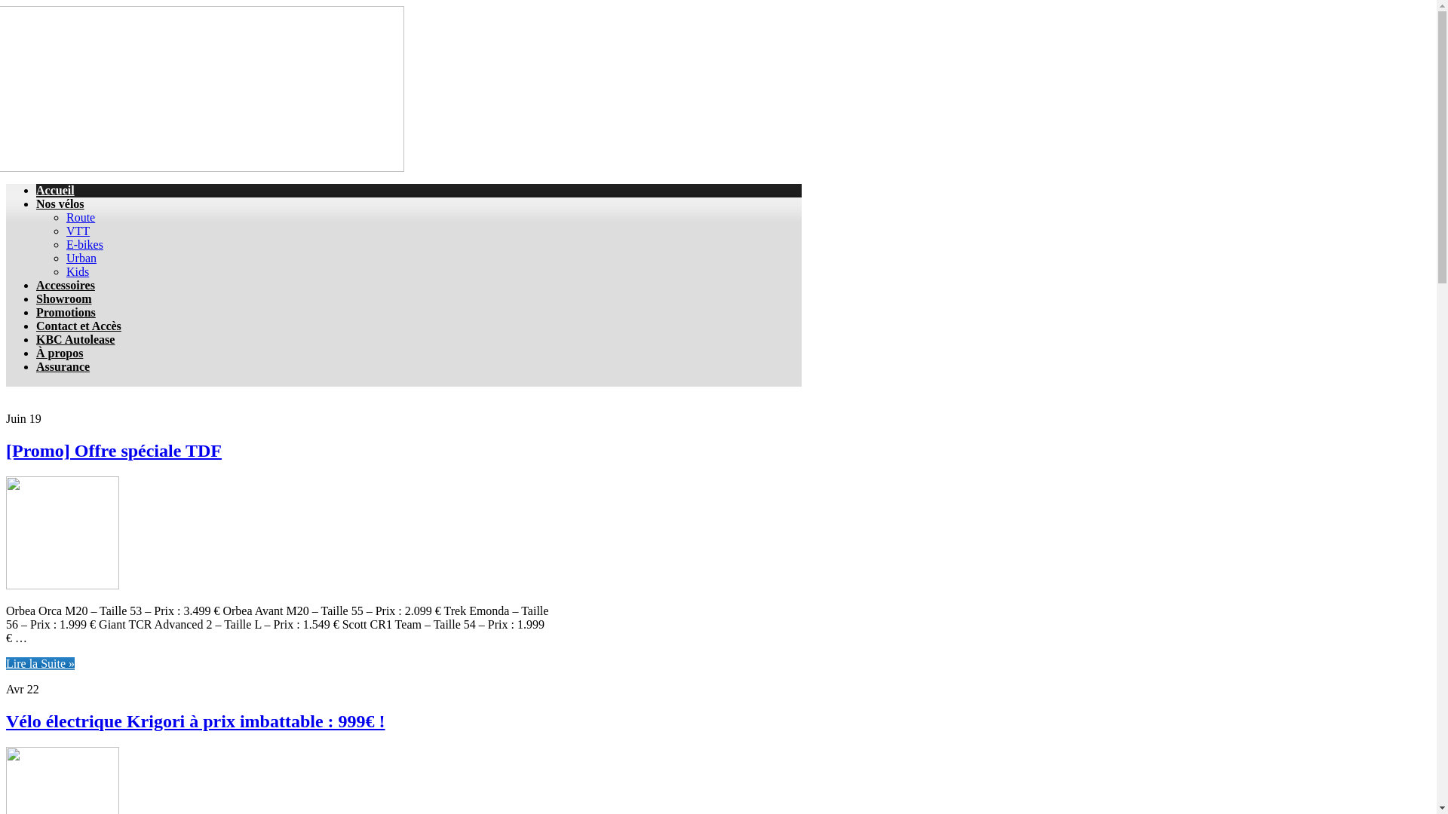 The image size is (1448, 814). Describe the element at coordinates (80, 257) in the screenshot. I see `'Urban'` at that location.